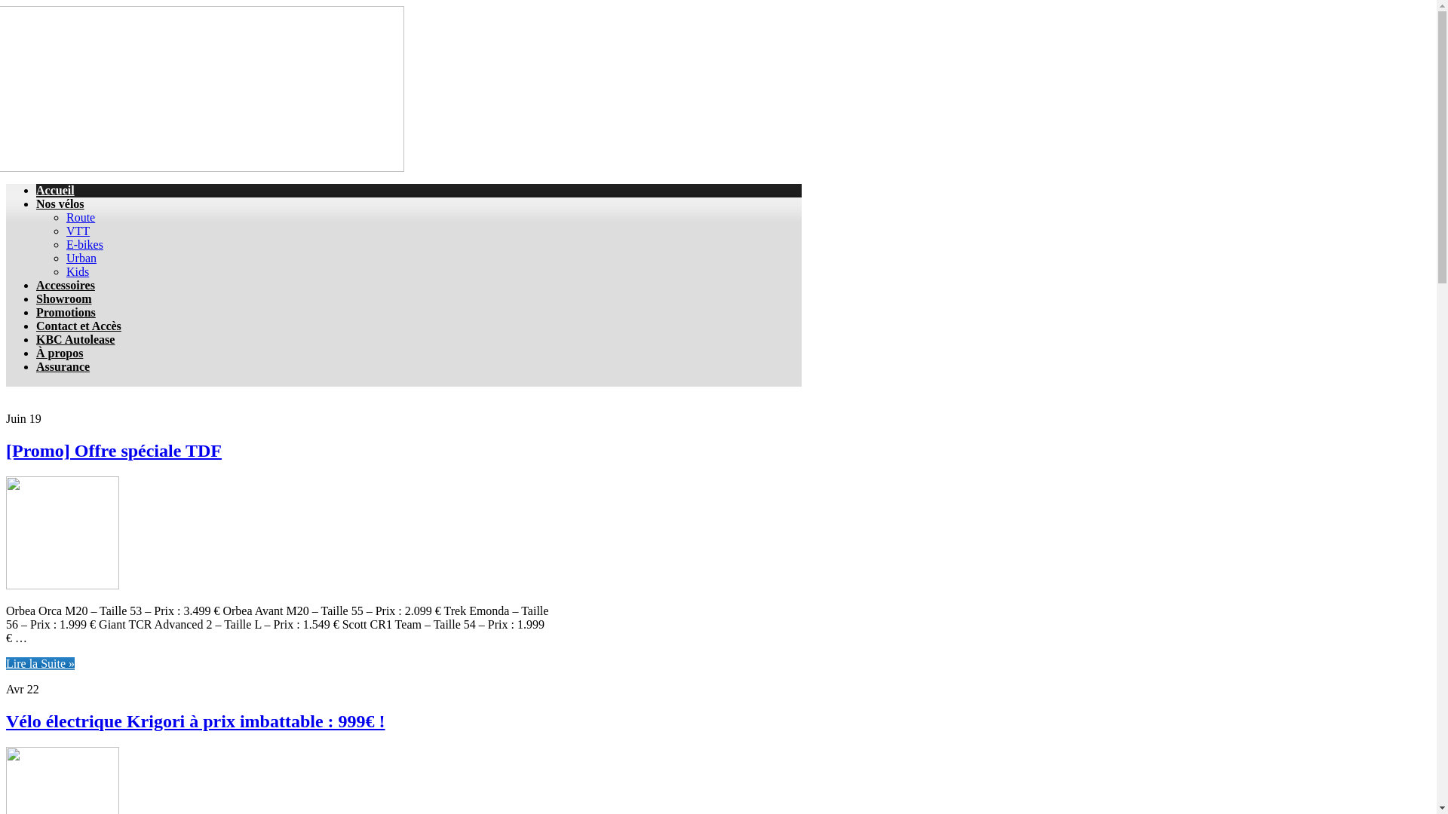 The image size is (1448, 814). Describe the element at coordinates (80, 257) in the screenshot. I see `'Urban'` at that location.